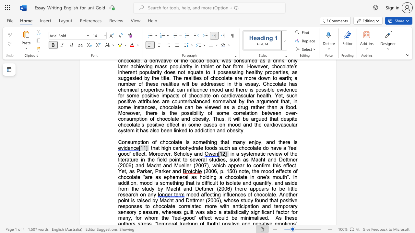 The image size is (415, 233). I want to click on the subset text "ppear to co" within the text "appear to confirm", so click(231, 165).